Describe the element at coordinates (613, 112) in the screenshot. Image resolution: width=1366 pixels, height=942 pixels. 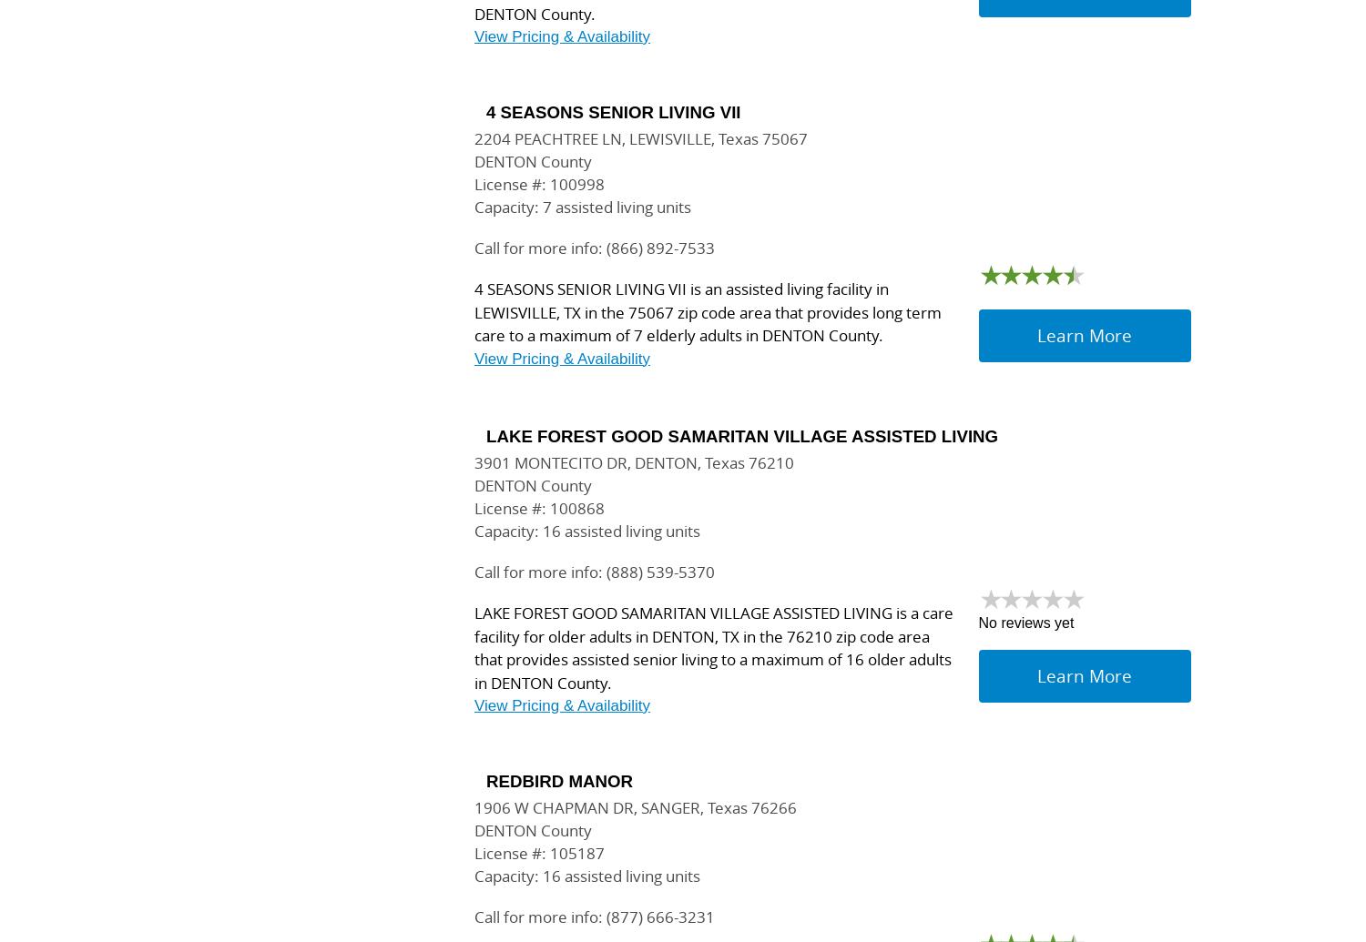
I see `'4 SEASONS SENIOR LIVING VII'` at that location.